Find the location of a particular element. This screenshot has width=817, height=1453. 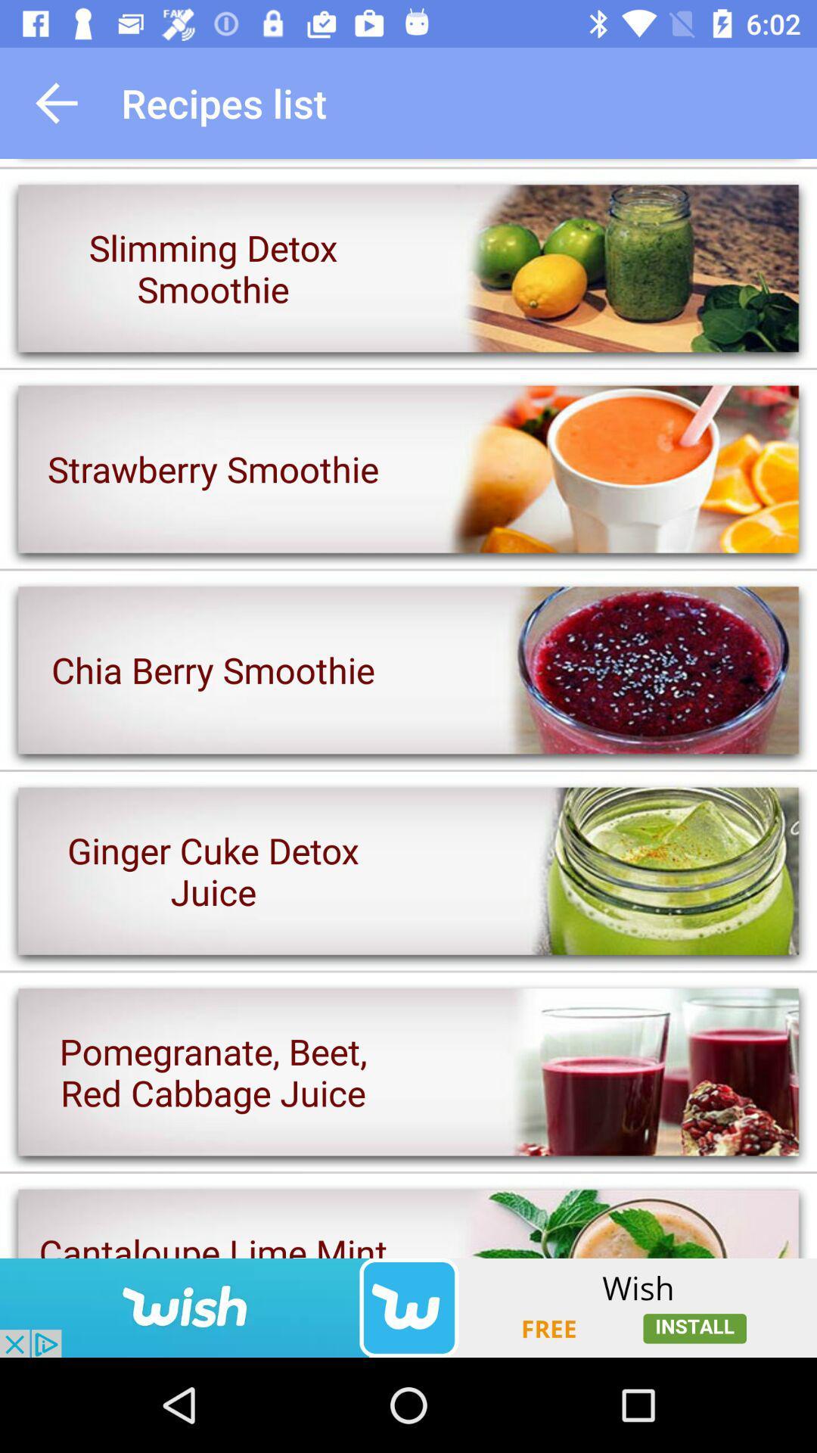

advertisement link is located at coordinates (408, 1307).